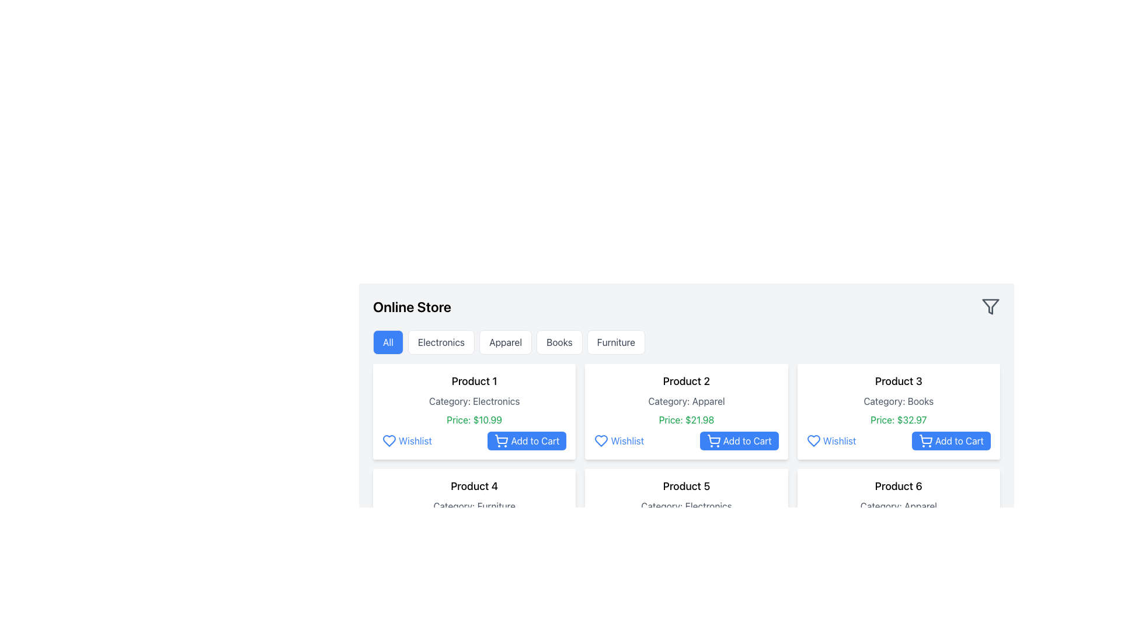  What do you see at coordinates (713, 441) in the screenshot?
I see `the shopping cart icon within the 'Add to Cart' button for the second product from the left in the top row of the product grid` at bounding box center [713, 441].